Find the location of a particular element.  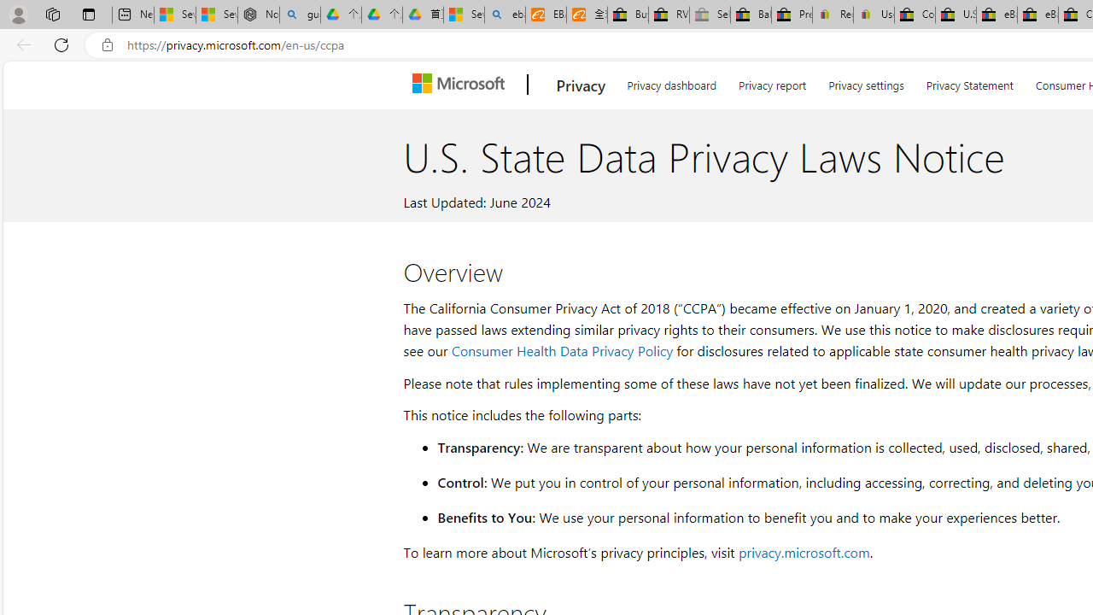

'Privacy Statement' is located at coordinates (970, 82).